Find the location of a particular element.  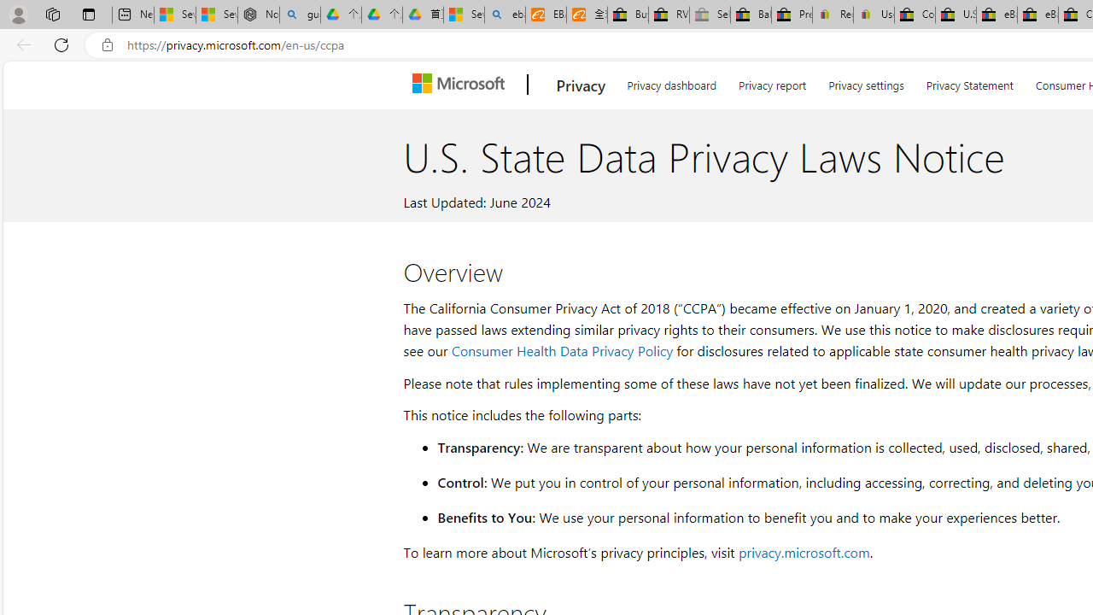

'Privacy Statement' is located at coordinates (970, 82).